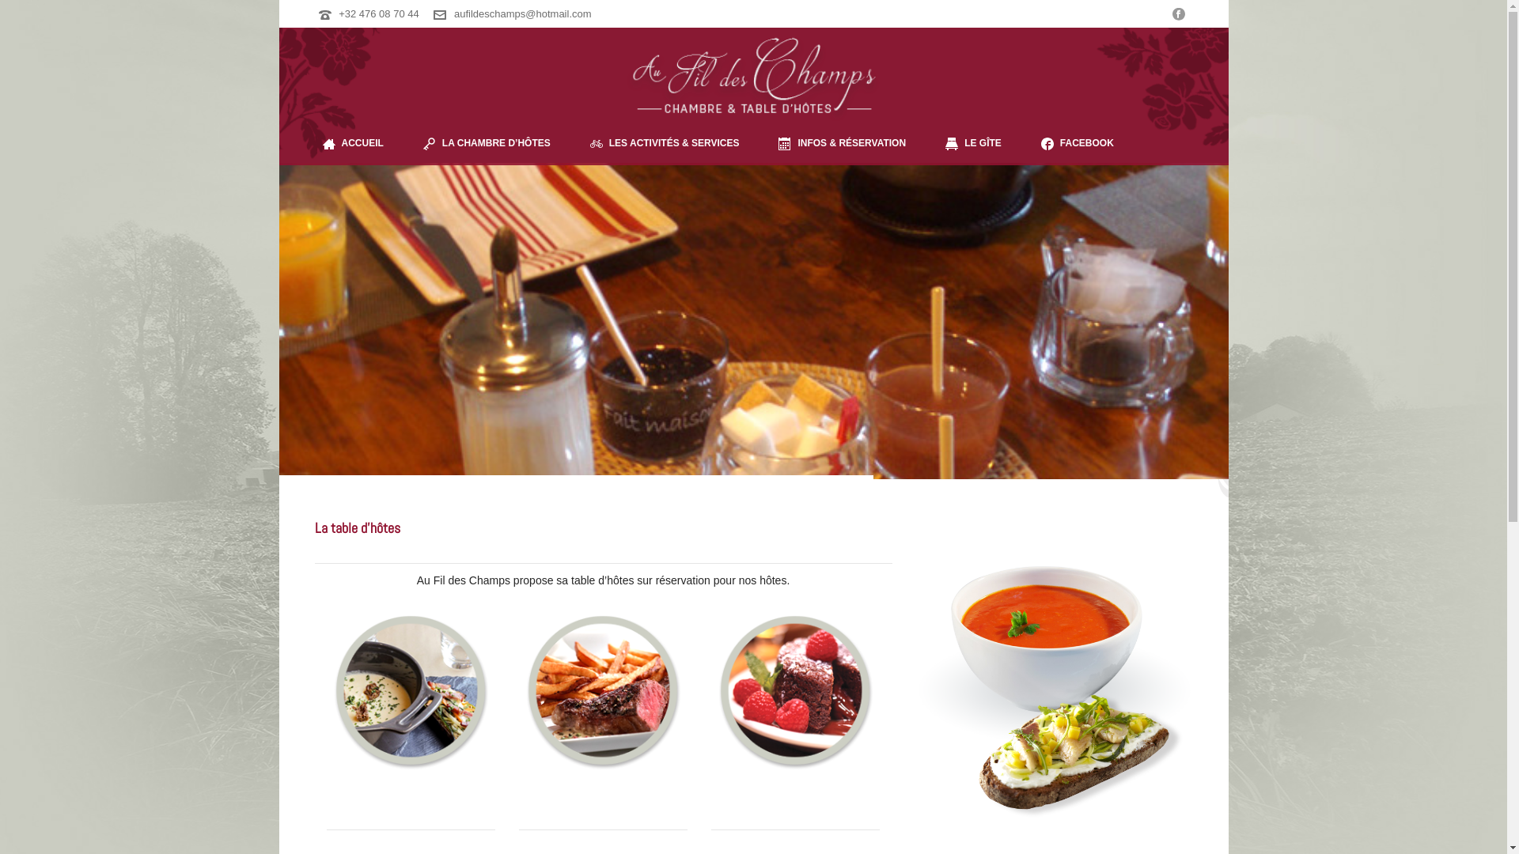 Image resolution: width=1519 pixels, height=854 pixels. I want to click on 'plat', so click(602, 690).